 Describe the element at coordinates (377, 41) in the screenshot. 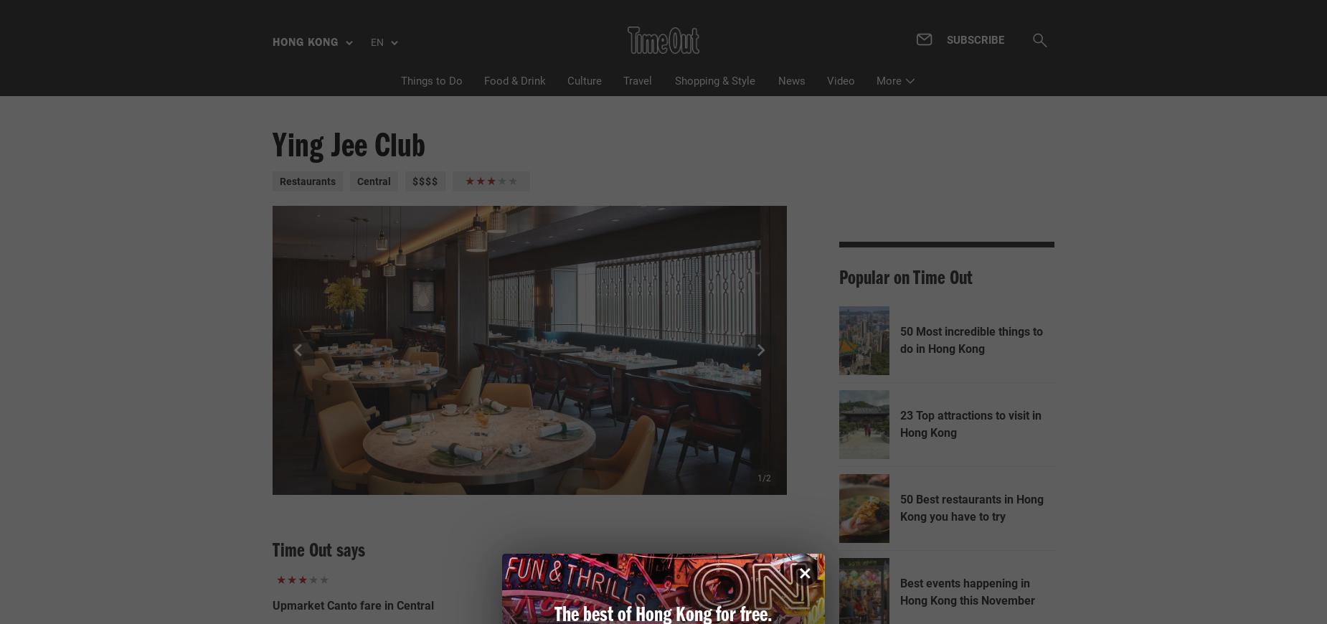

I see `'EN'` at that location.